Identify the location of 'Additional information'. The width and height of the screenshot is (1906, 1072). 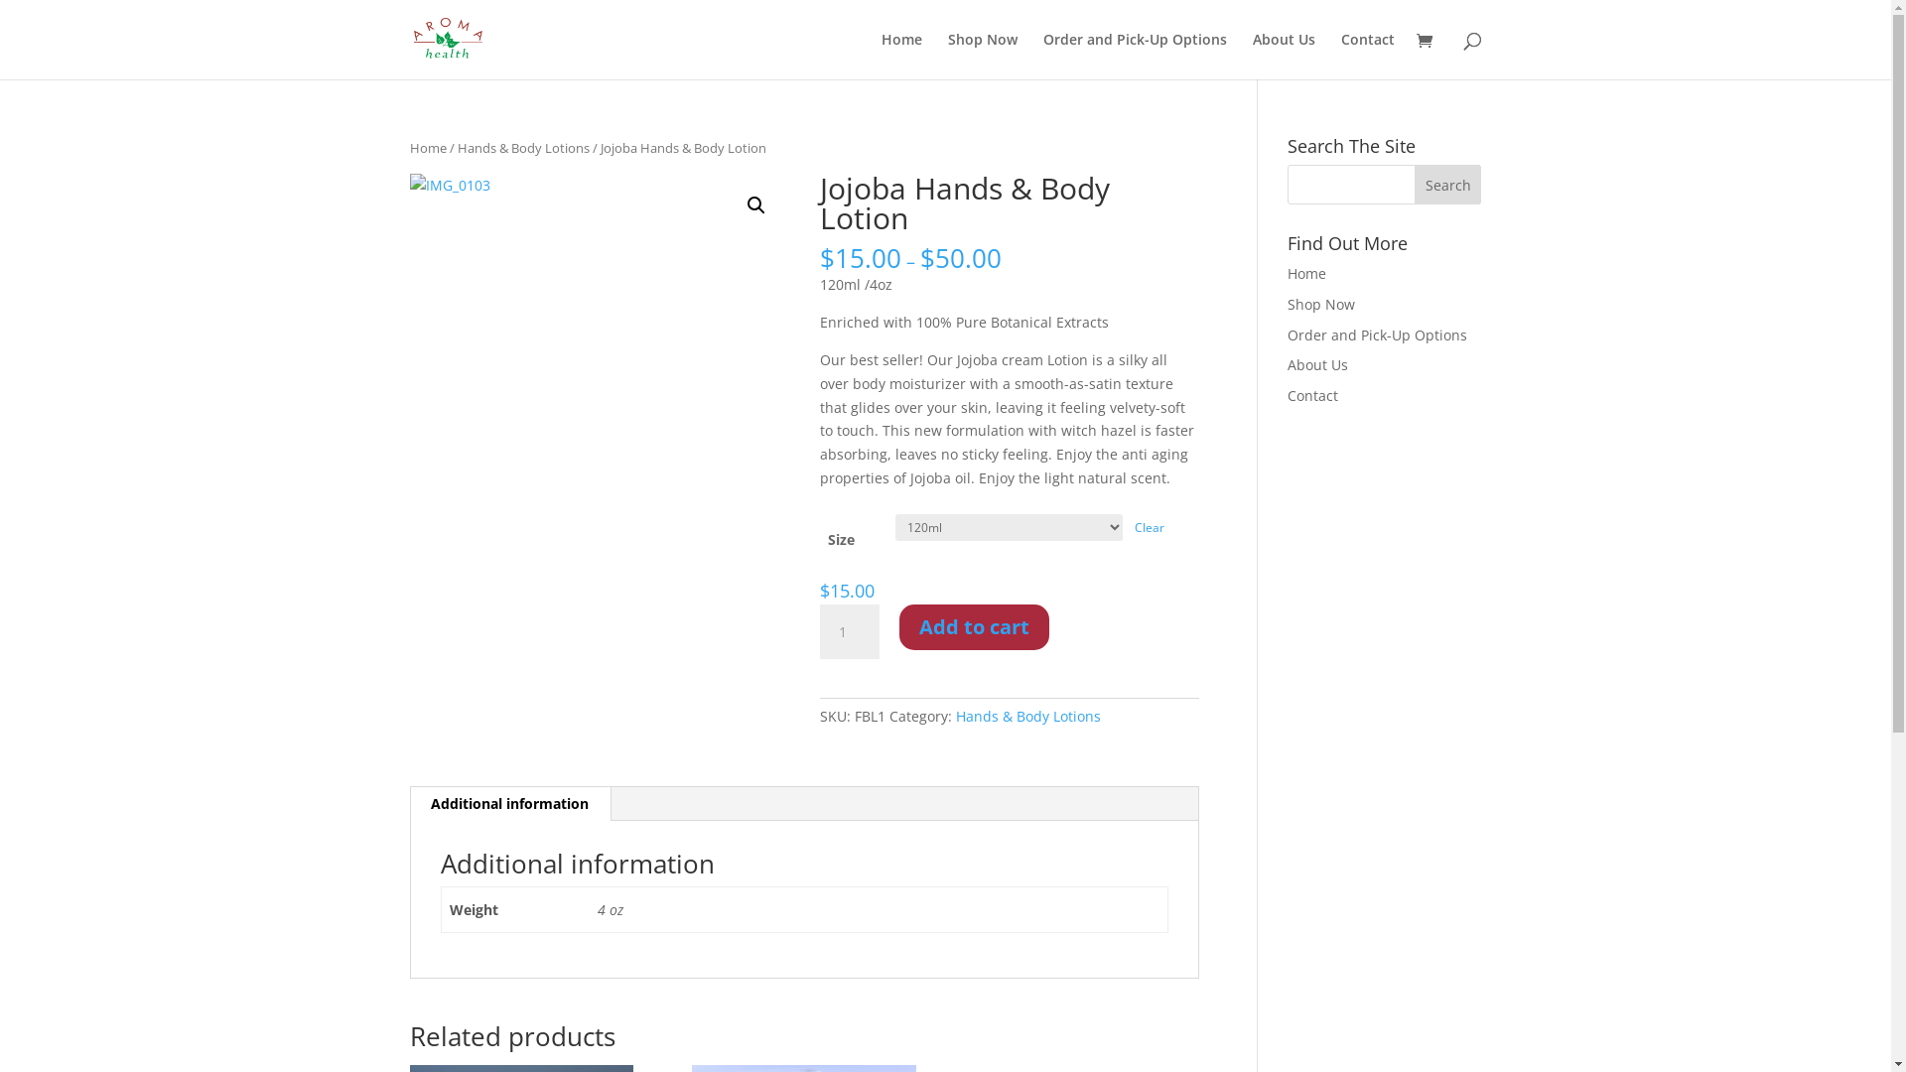
(509, 804).